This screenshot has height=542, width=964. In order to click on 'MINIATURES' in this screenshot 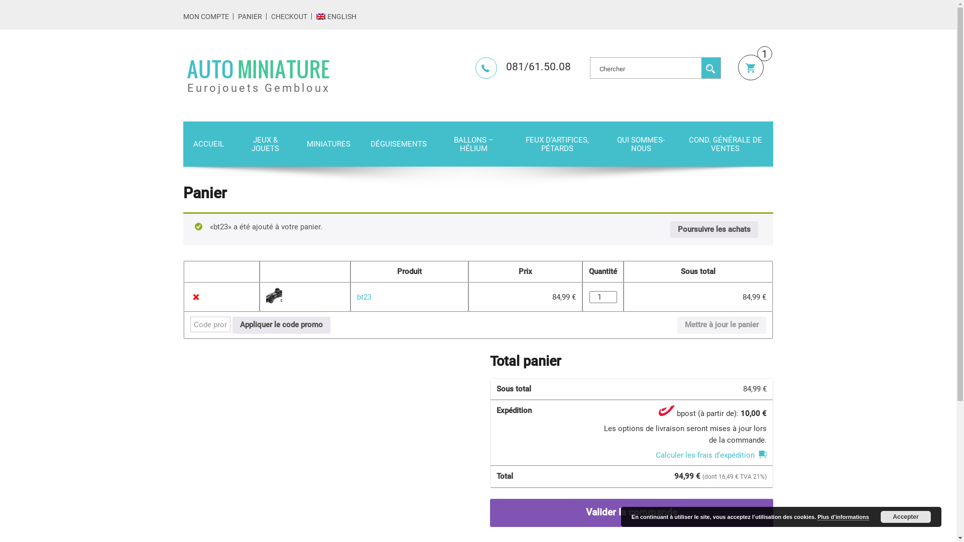, I will do `click(328, 144)`.